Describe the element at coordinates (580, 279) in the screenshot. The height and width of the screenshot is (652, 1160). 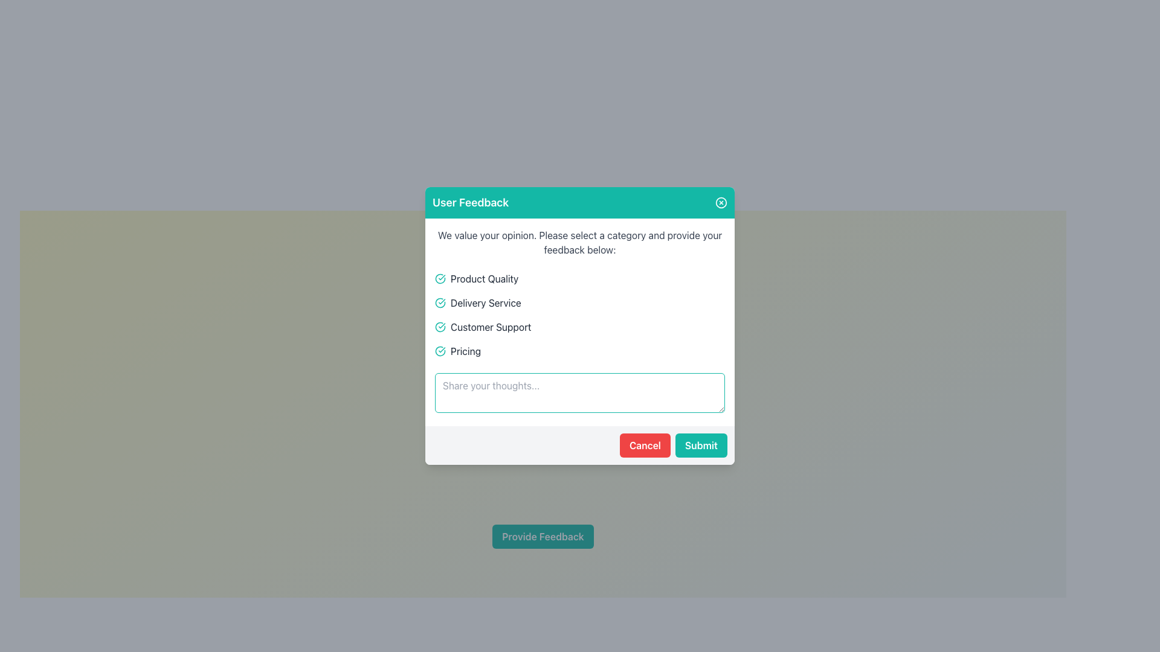
I see `keyboard navigation` at that location.